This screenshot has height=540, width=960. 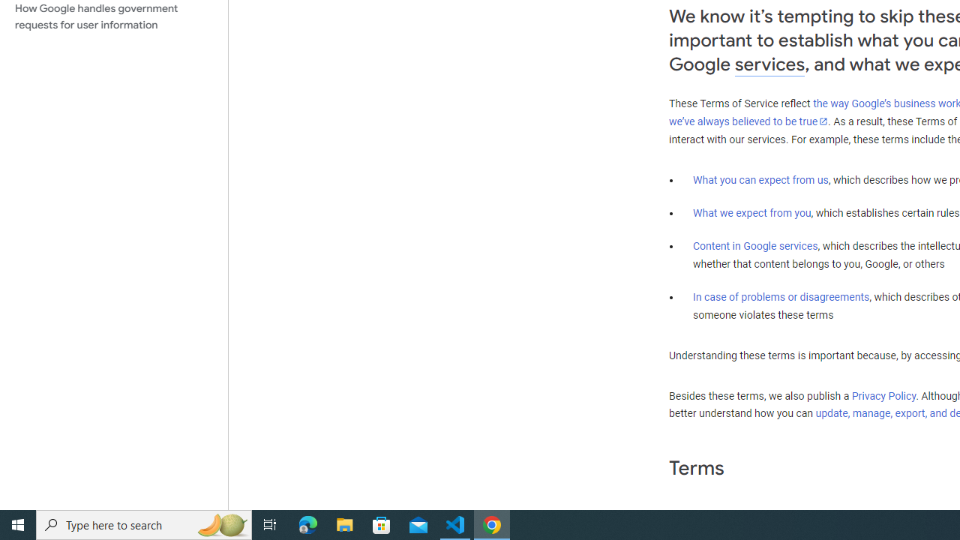 I want to click on 'What we expect from you', so click(x=751, y=213).